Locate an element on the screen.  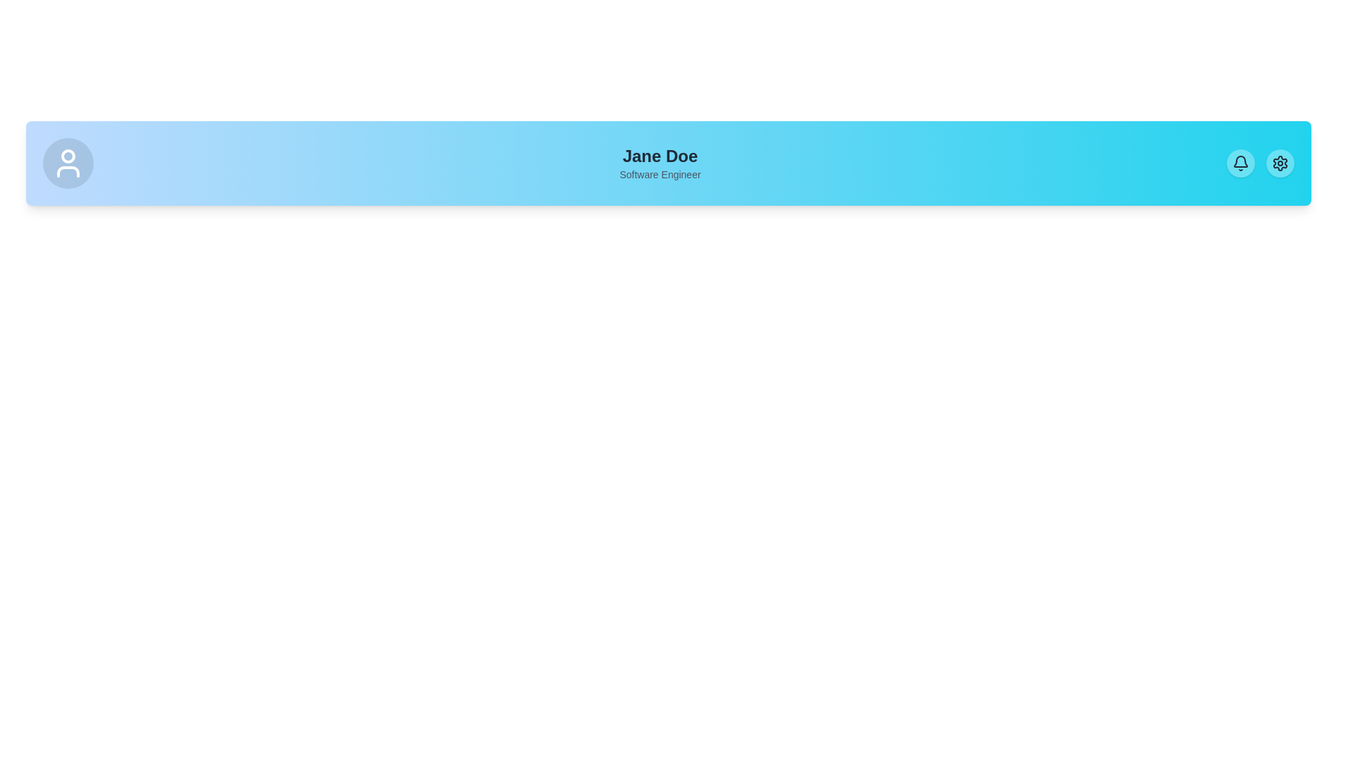
the circular button with a semi-transparent white background and a bell icon at its center is located at coordinates (1241, 162).